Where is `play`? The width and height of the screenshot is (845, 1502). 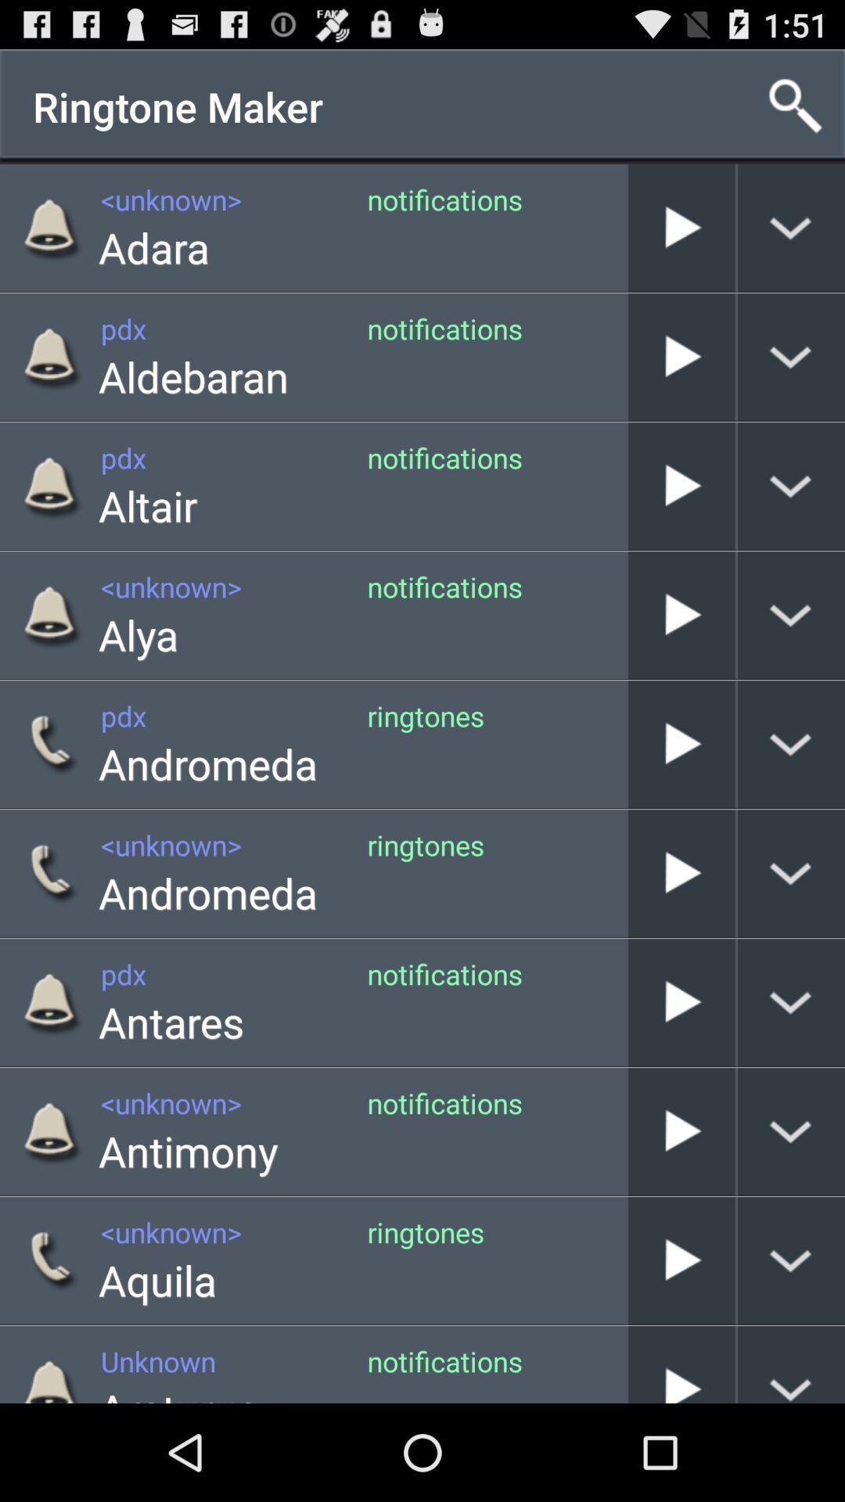
play is located at coordinates (681, 614).